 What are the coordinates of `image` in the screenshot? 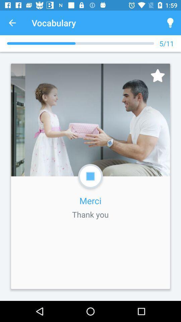 It's located at (158, 75).